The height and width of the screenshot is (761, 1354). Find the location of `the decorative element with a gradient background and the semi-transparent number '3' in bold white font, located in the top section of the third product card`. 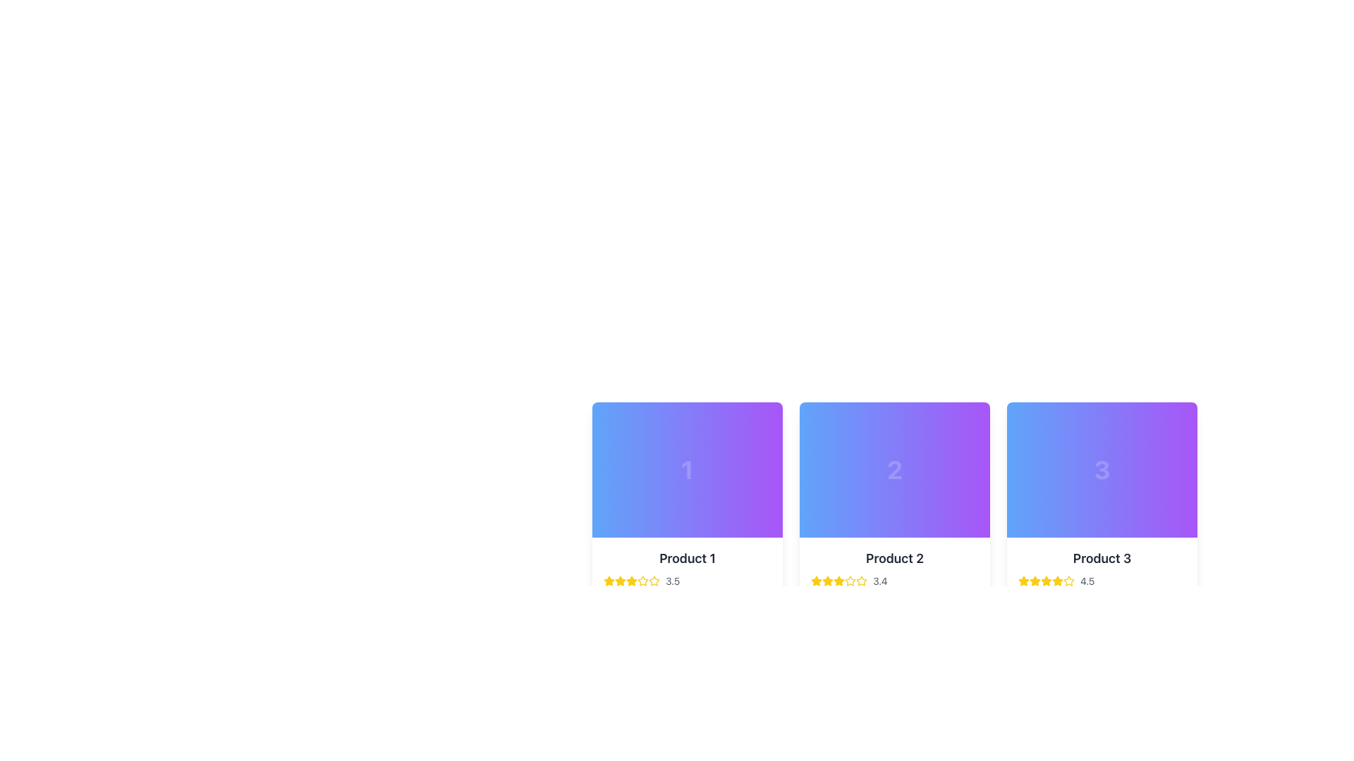

the decorative element with a gradient background and the semi-transparent number '3' in bold white font, located in the top section of the third product card is located at coordinates (1102, 470).